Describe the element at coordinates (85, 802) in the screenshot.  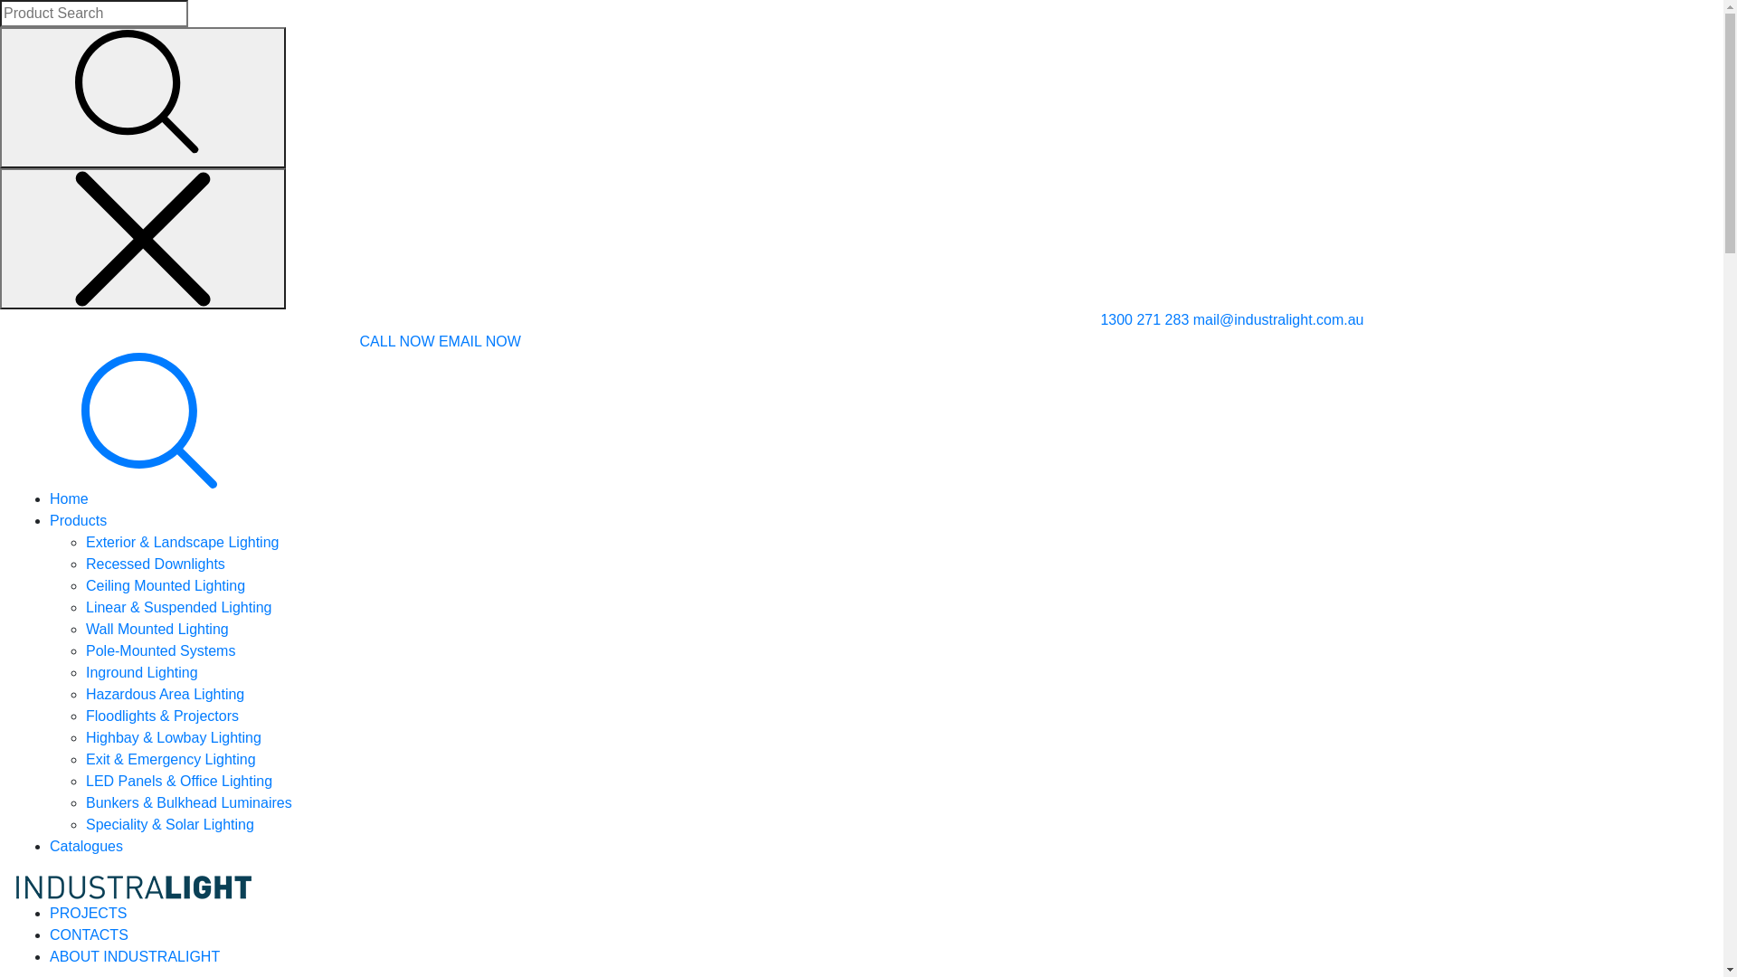
I see `'Bunkers & Bulkhead Luminaires'` at that location.